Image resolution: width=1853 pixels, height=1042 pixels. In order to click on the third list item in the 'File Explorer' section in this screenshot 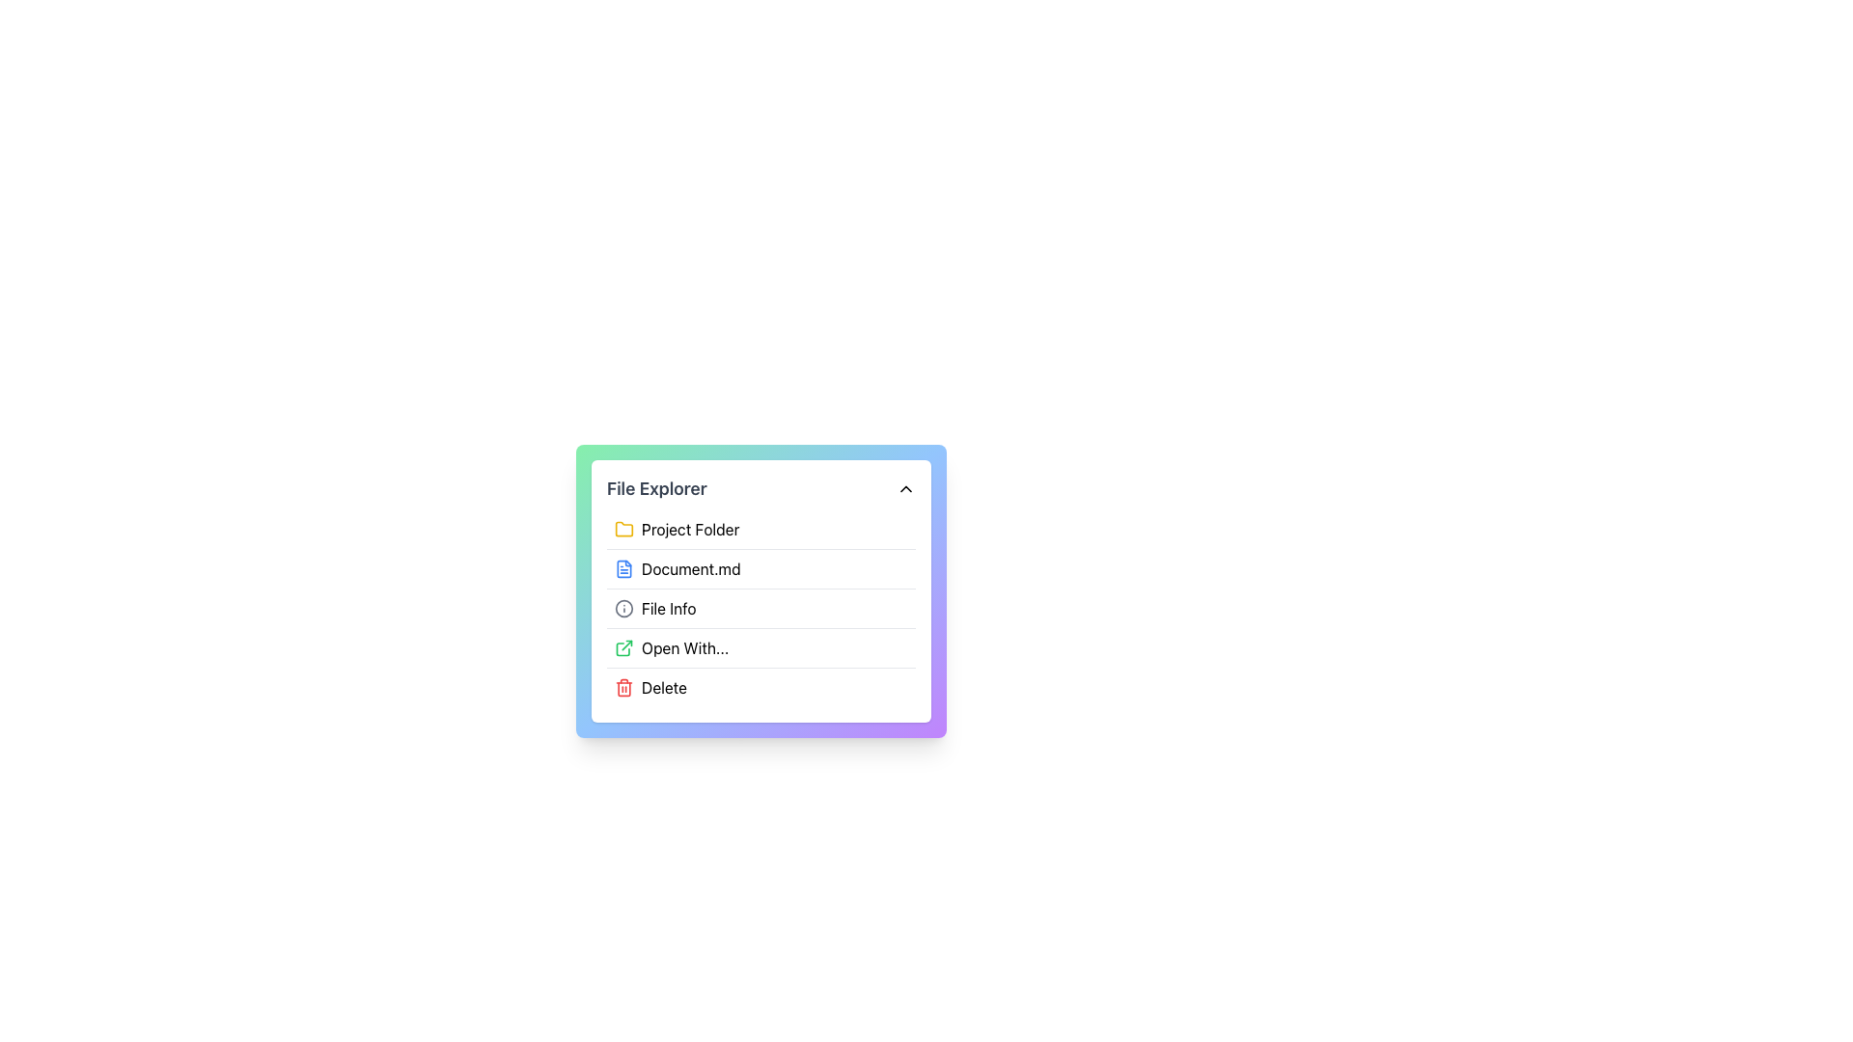, I will do `click(760, 609)`.